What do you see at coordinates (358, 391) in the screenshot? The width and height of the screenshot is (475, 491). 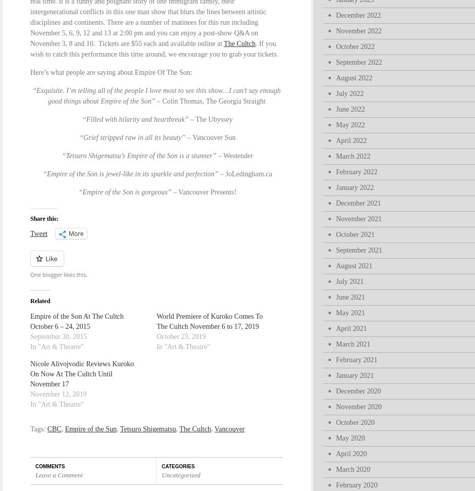 I see `'December 2020'` at bounding box center [358, 391].